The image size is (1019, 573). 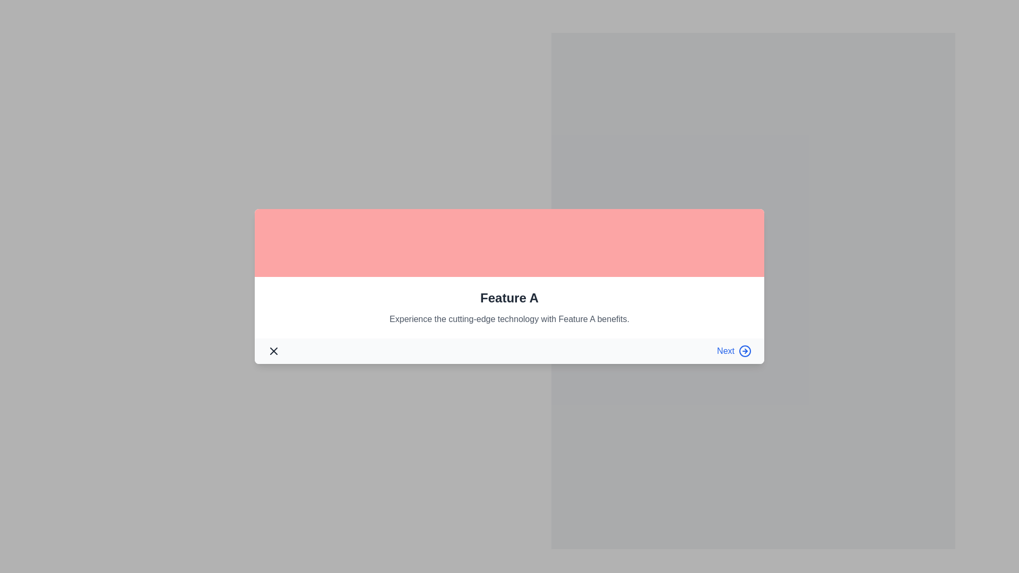 What do you see at coordinates (744, 351) in the screenshot?
I see `the blue circular icon with a right-pointing arrow labeled 'Next'` at bounding box center [744, 351].